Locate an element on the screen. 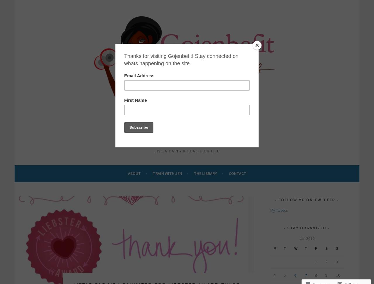 Image resolution: width=374 pixels, height=284 pixels. '3' is located at coordinates (337, 261).